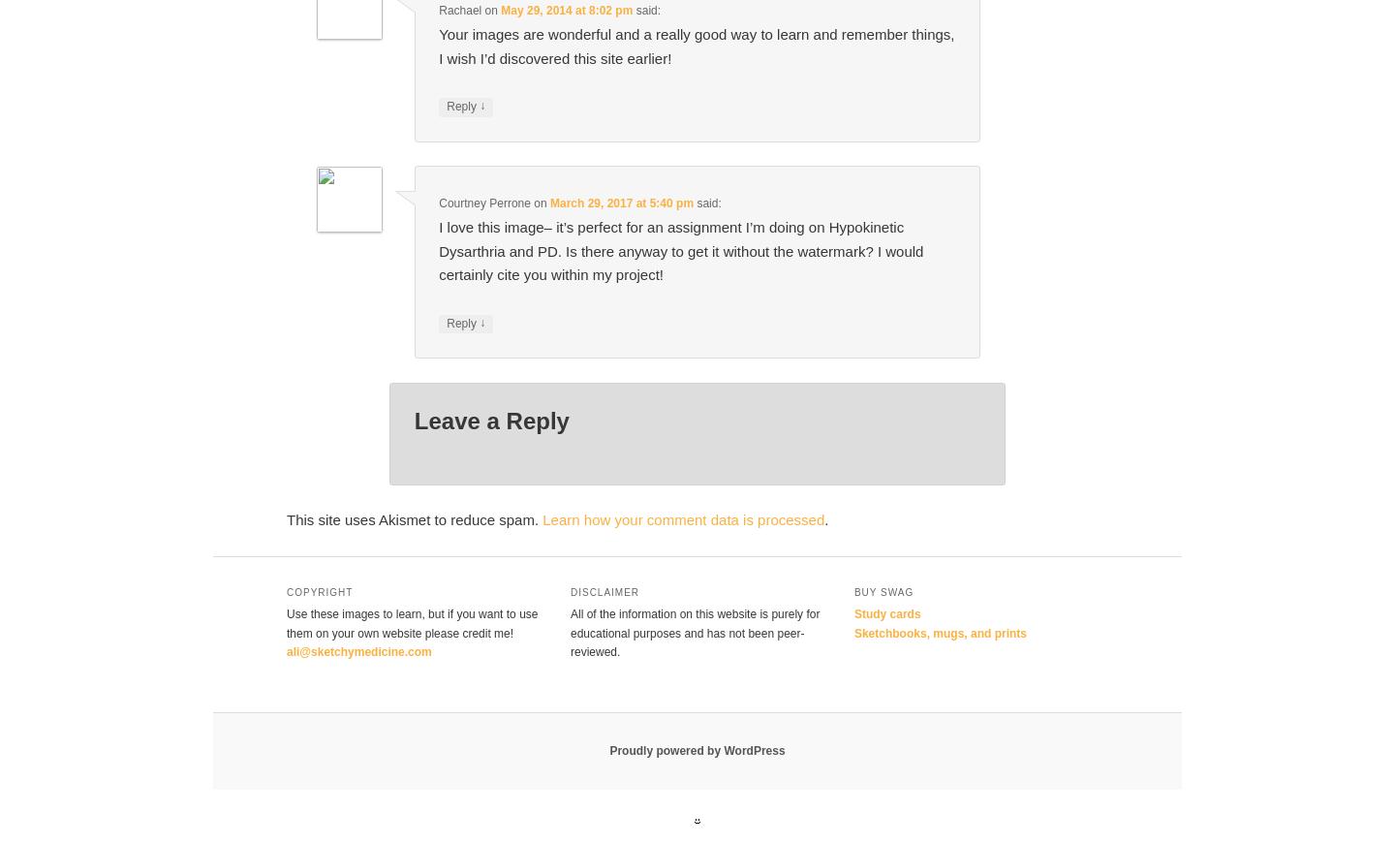 Image resolution: width=1395 pixels, height=844 pixels. I want to click on 'Courtney Perrone', so click(482, 203).